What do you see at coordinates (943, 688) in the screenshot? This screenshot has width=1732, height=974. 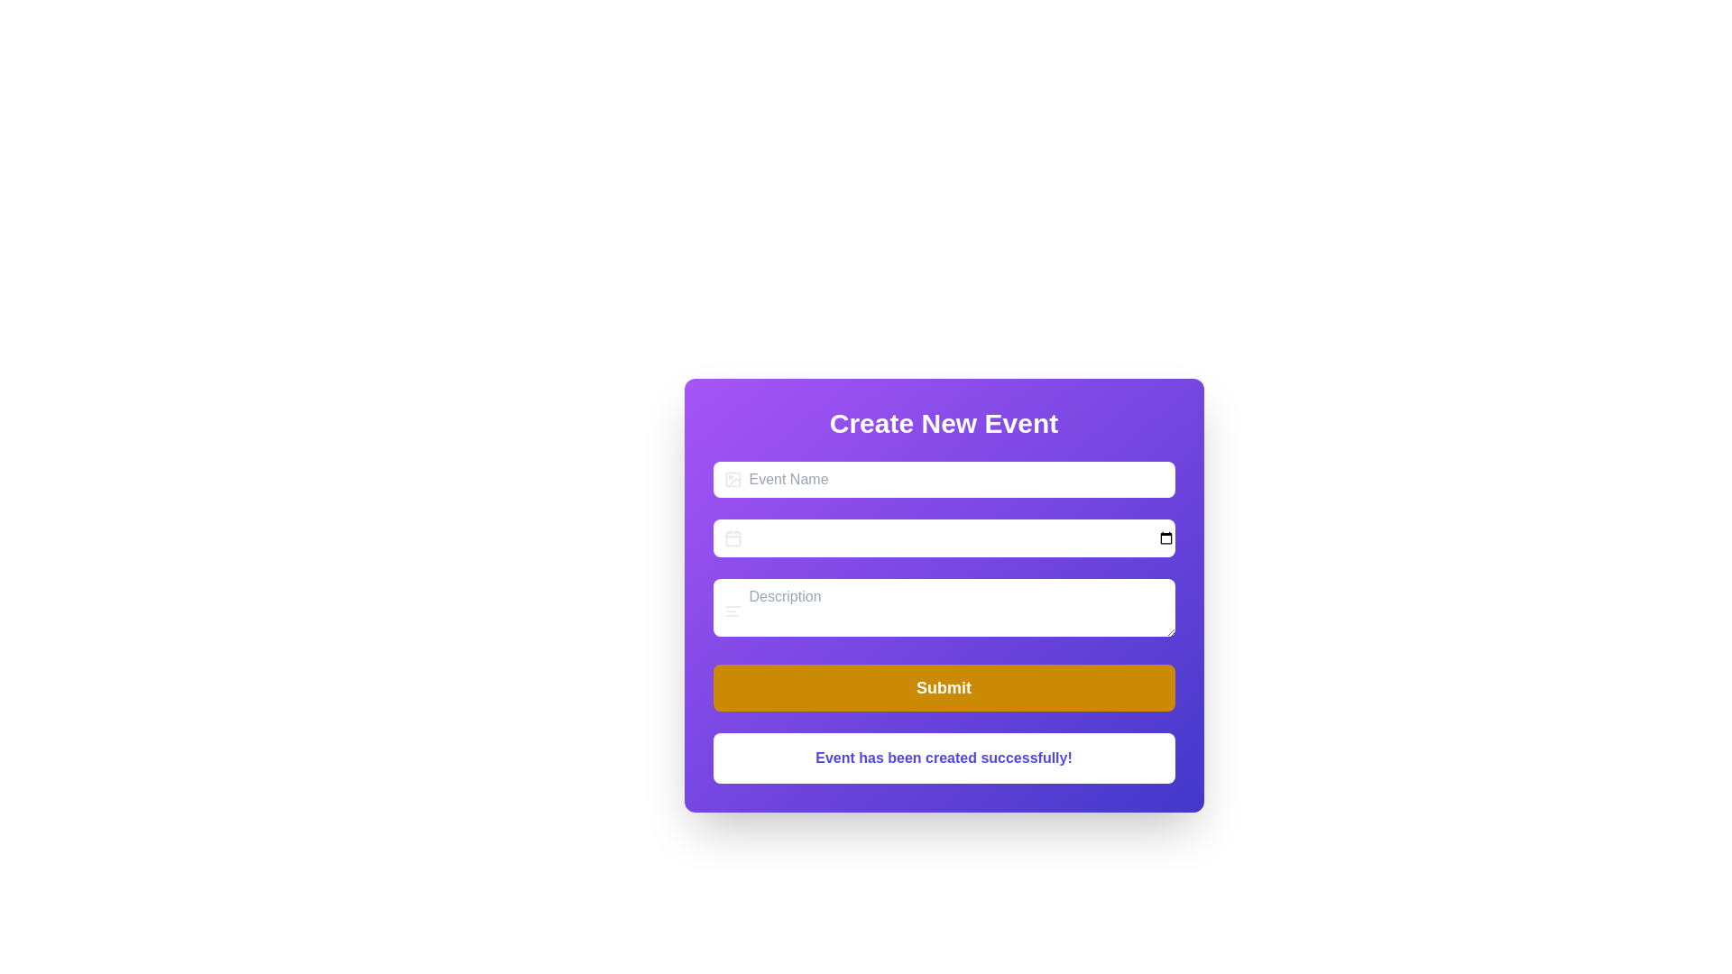 I see `the submission button located at the bottom of the form` at bounding box center [943, 688].